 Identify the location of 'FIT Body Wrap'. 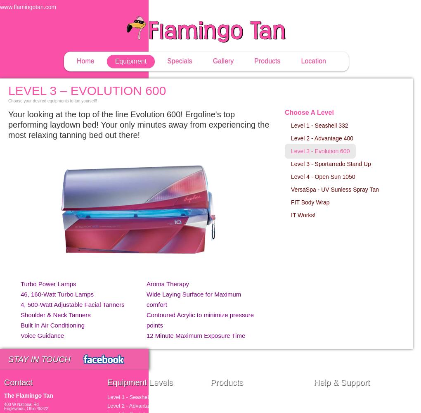
(291, 202).